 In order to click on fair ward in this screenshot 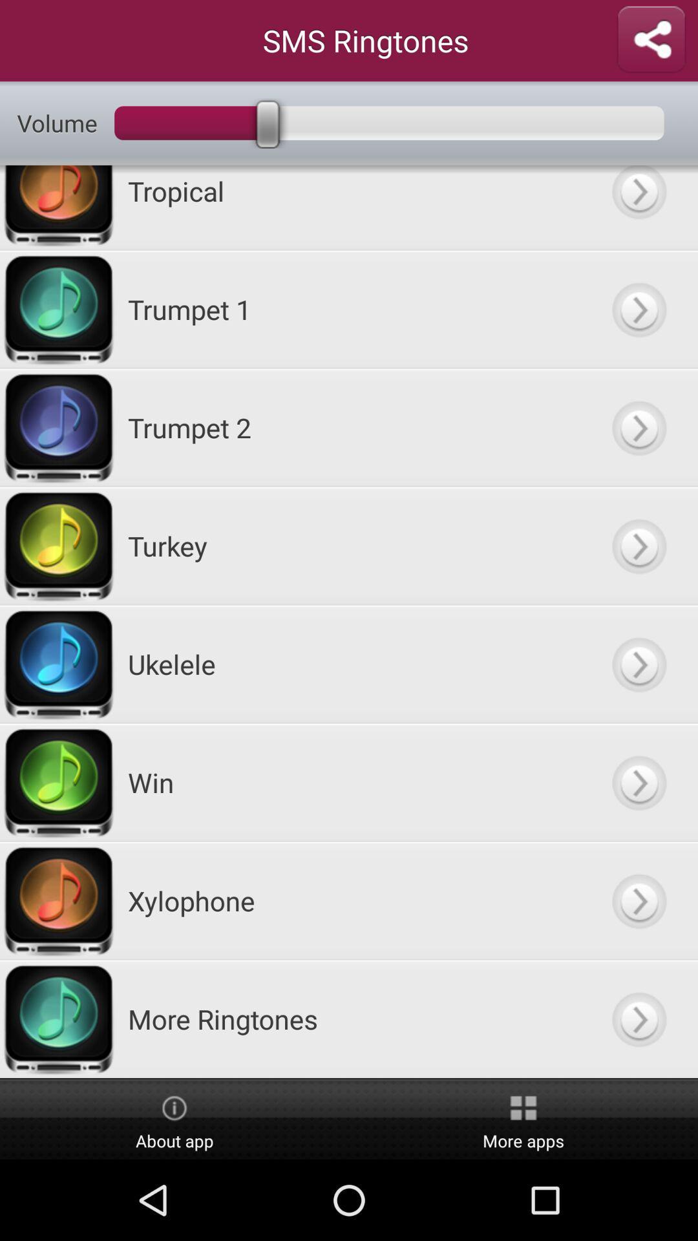, I will do `click(638, 207)`.